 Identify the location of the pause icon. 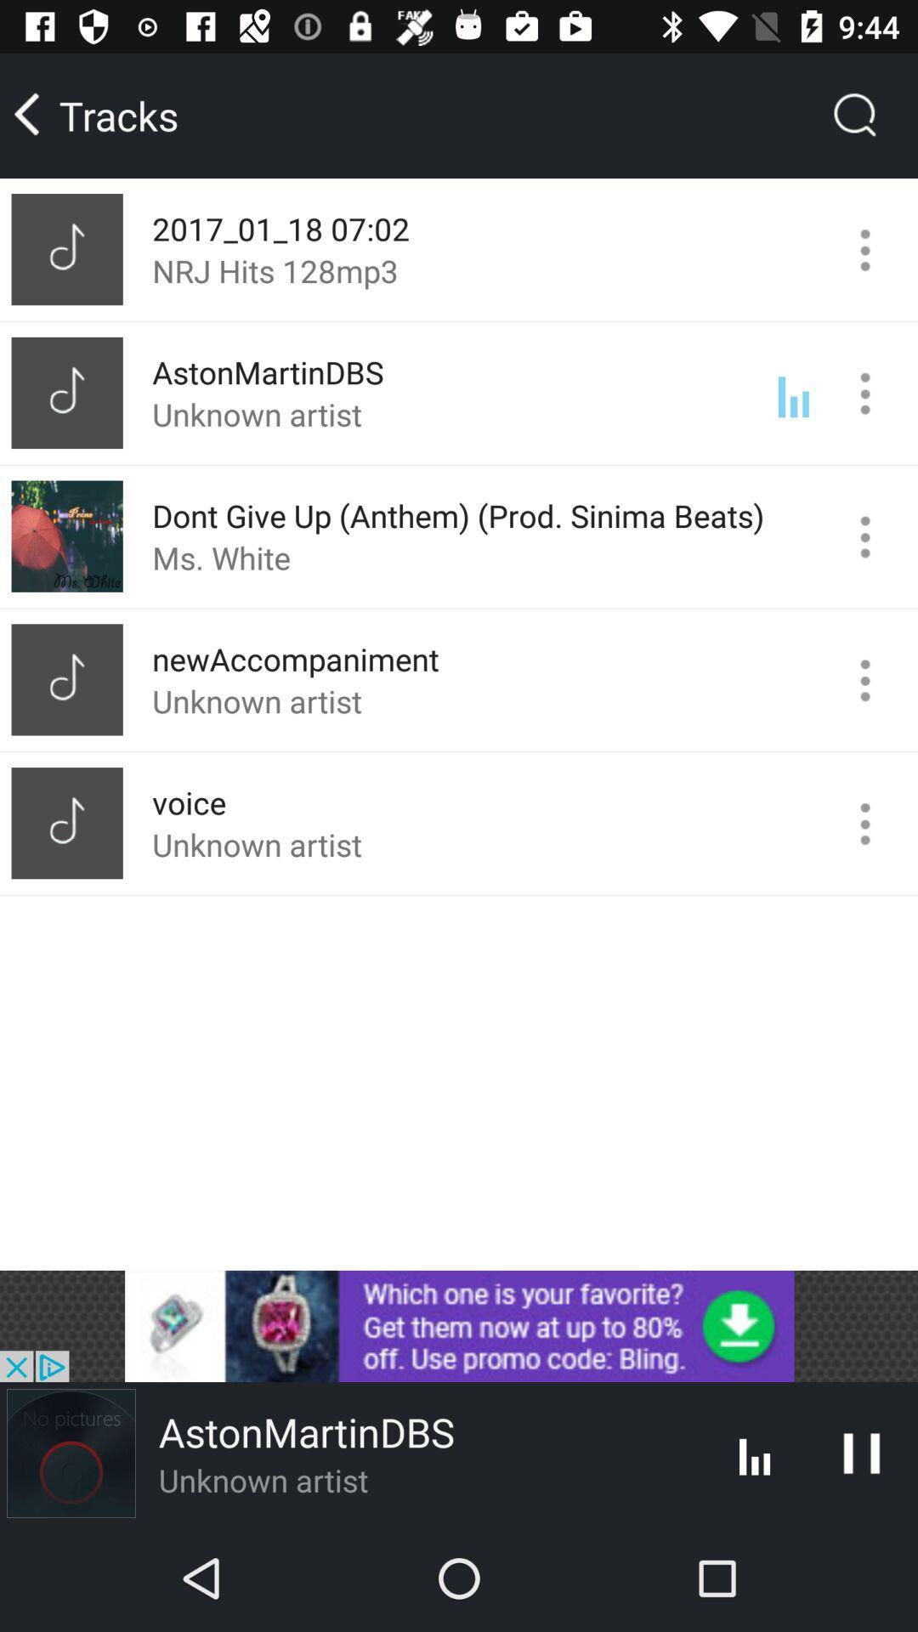
(862, 1452).